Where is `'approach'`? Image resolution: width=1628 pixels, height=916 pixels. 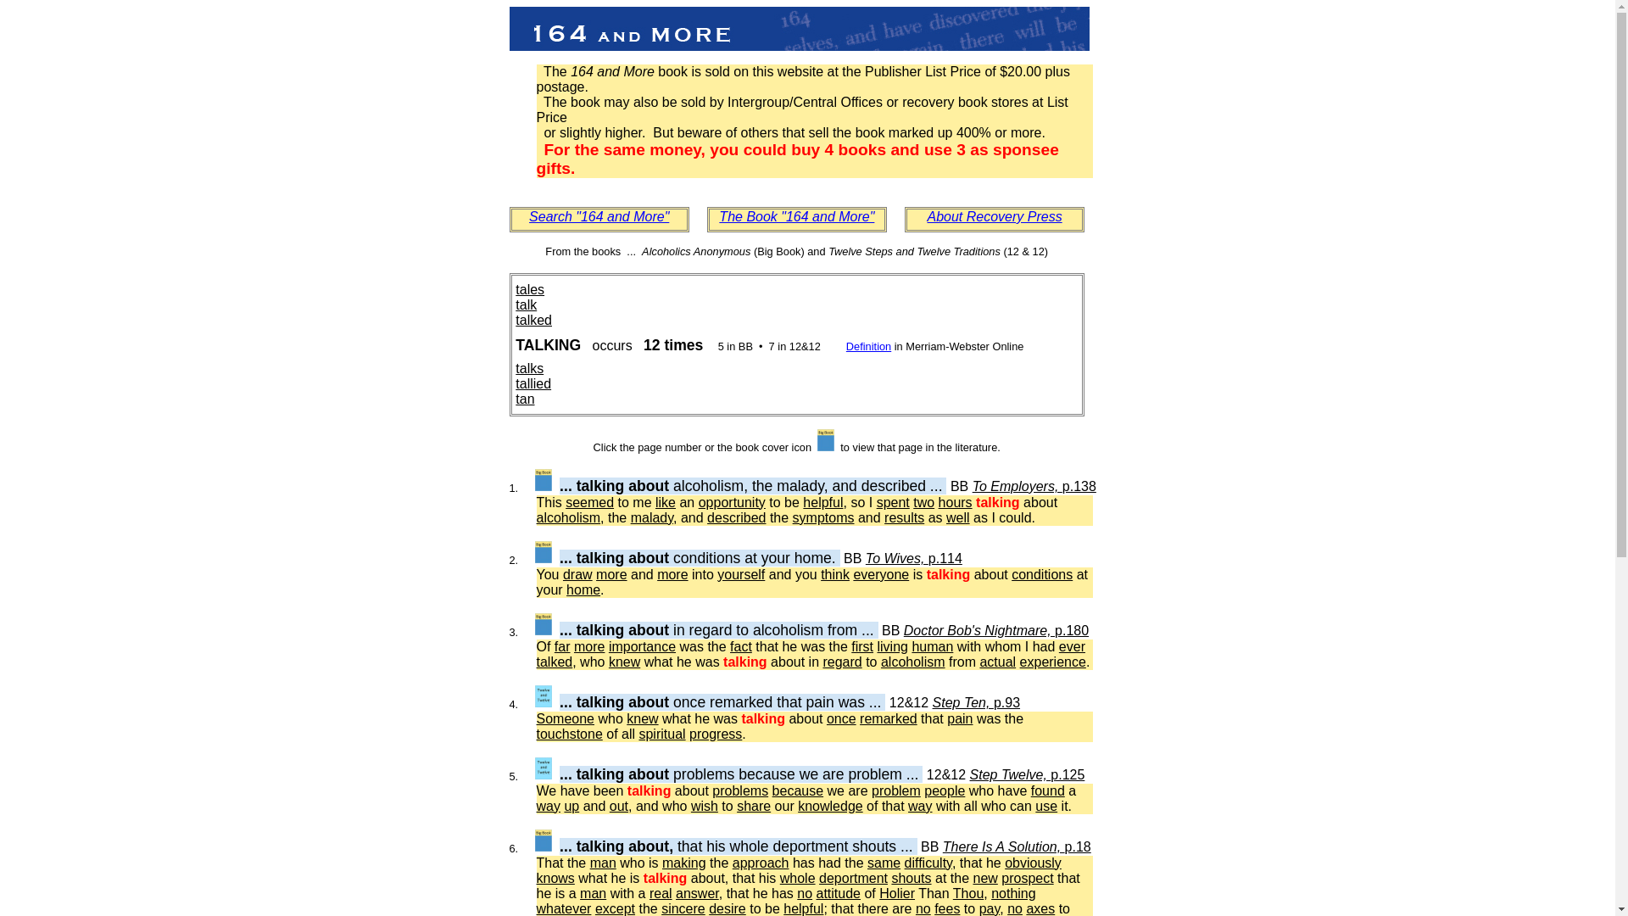
'approach' is located at coordinates (733, 863).